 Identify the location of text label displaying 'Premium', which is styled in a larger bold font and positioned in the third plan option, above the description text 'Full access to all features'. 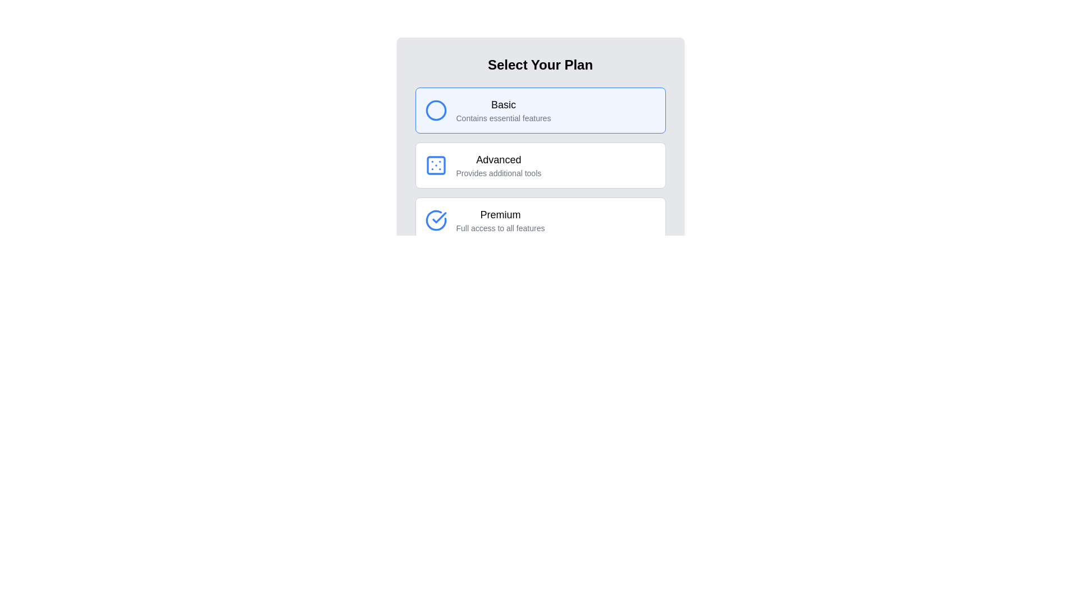
(500, 214).